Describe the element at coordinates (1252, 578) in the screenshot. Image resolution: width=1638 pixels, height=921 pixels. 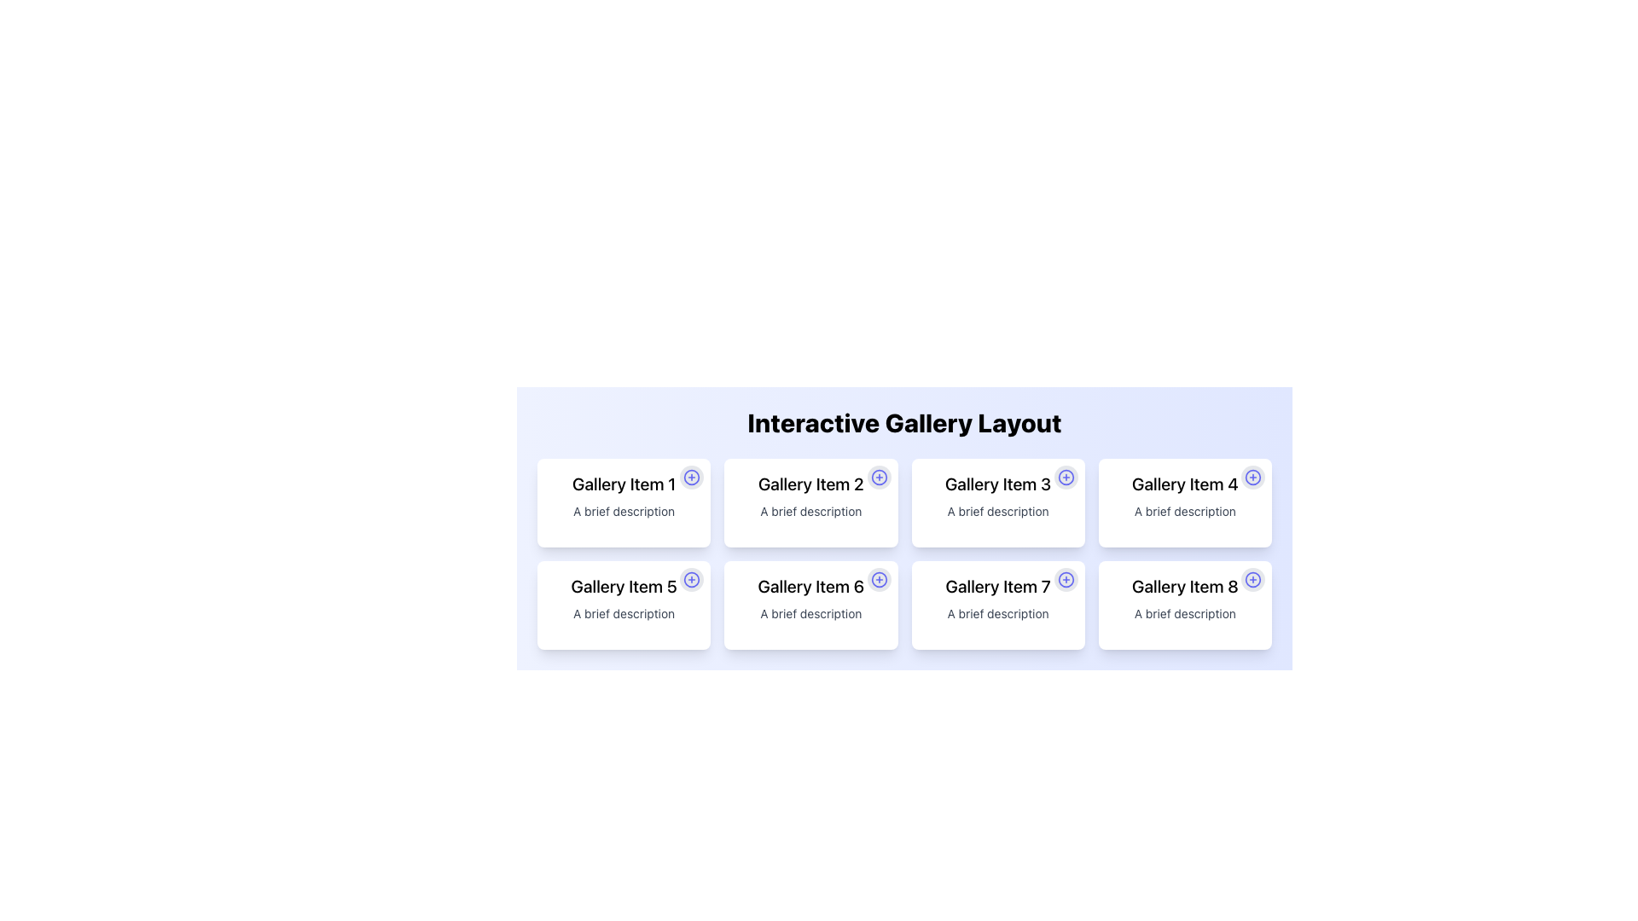
I see `the icon button located in the top-right corner of the card labeled 'Gallery Item 8'` at that location.